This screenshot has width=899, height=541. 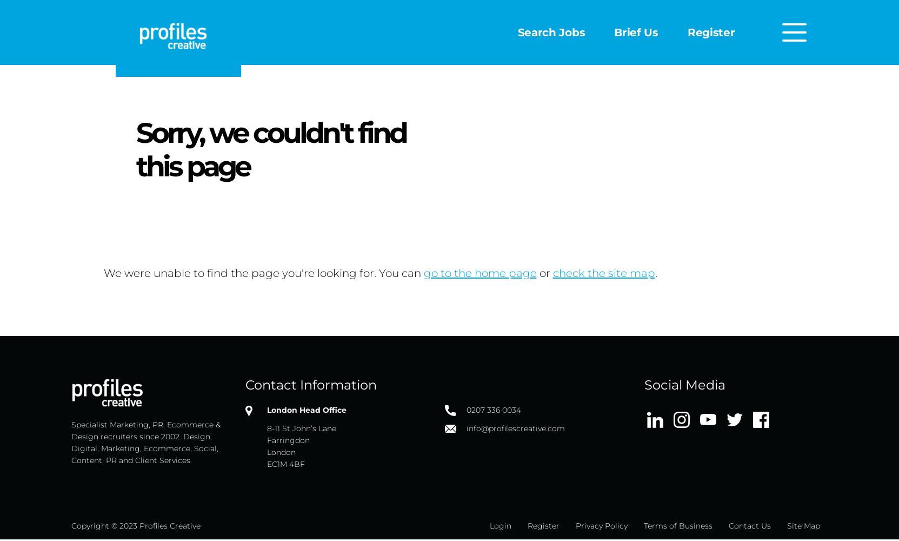 What do you see at coordinates (515, 428) in the screenshot?
I see `'info@profilescreative.com'` at bounding box center [515, 428].